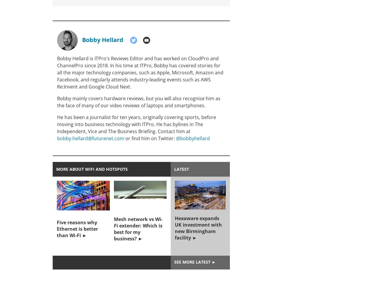  Describe the element at coordinates (90, 138) in the screenshot. I see `'bobby.hellard@futurenet.com'` at that location.